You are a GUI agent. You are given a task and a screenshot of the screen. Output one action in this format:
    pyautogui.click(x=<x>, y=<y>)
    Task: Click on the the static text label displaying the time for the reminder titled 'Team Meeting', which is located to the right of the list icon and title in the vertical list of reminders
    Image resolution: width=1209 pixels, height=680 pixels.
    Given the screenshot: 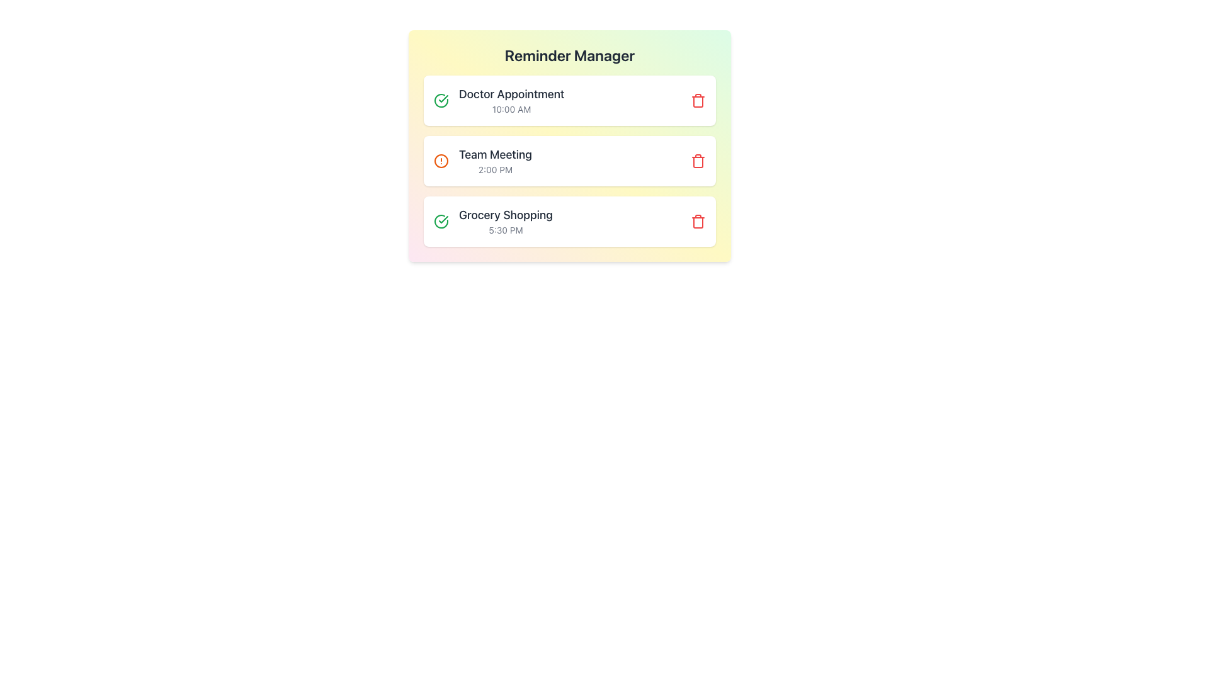 What is the action you would take?
    pyautogui.click(x=495, y=170)
    